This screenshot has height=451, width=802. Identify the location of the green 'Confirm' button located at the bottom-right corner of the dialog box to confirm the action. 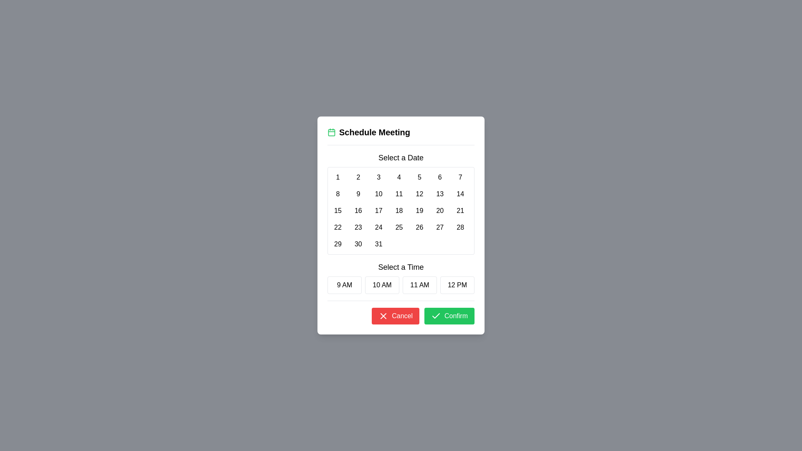
(449, 316).